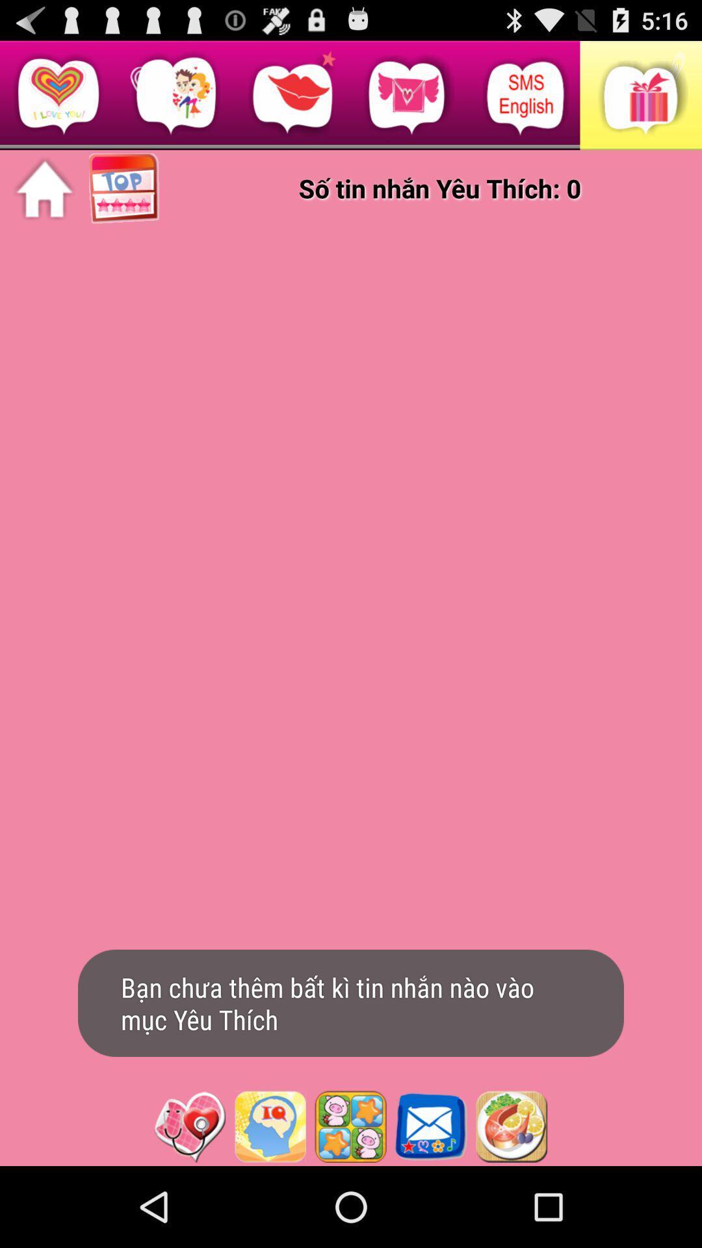 This screenshot has height=1248, width=702. Describe the element at coordinates (431, 1126) in the screenshot. I see `open mail app` at that location.